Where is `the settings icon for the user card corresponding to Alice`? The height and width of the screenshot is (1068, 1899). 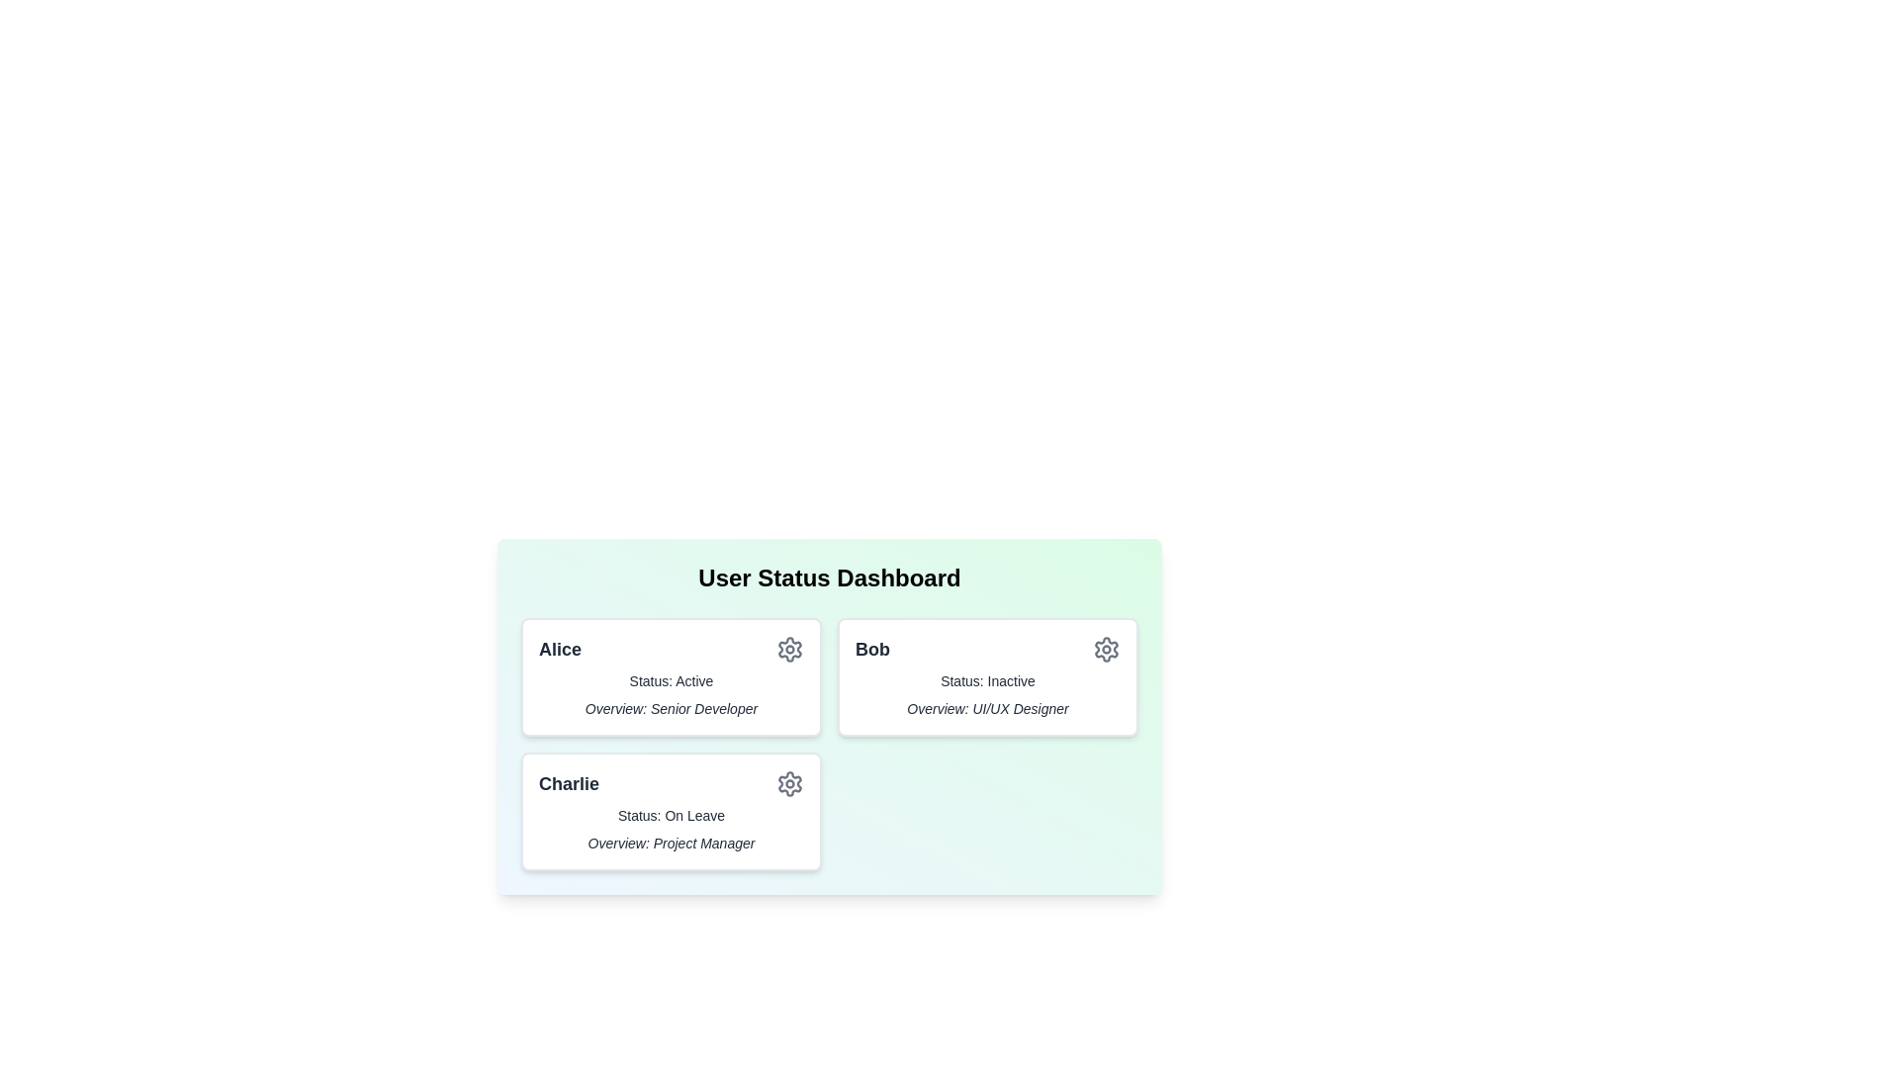
the settings icon for the user card corresponding to Alice is located at coordinates (788, 649).